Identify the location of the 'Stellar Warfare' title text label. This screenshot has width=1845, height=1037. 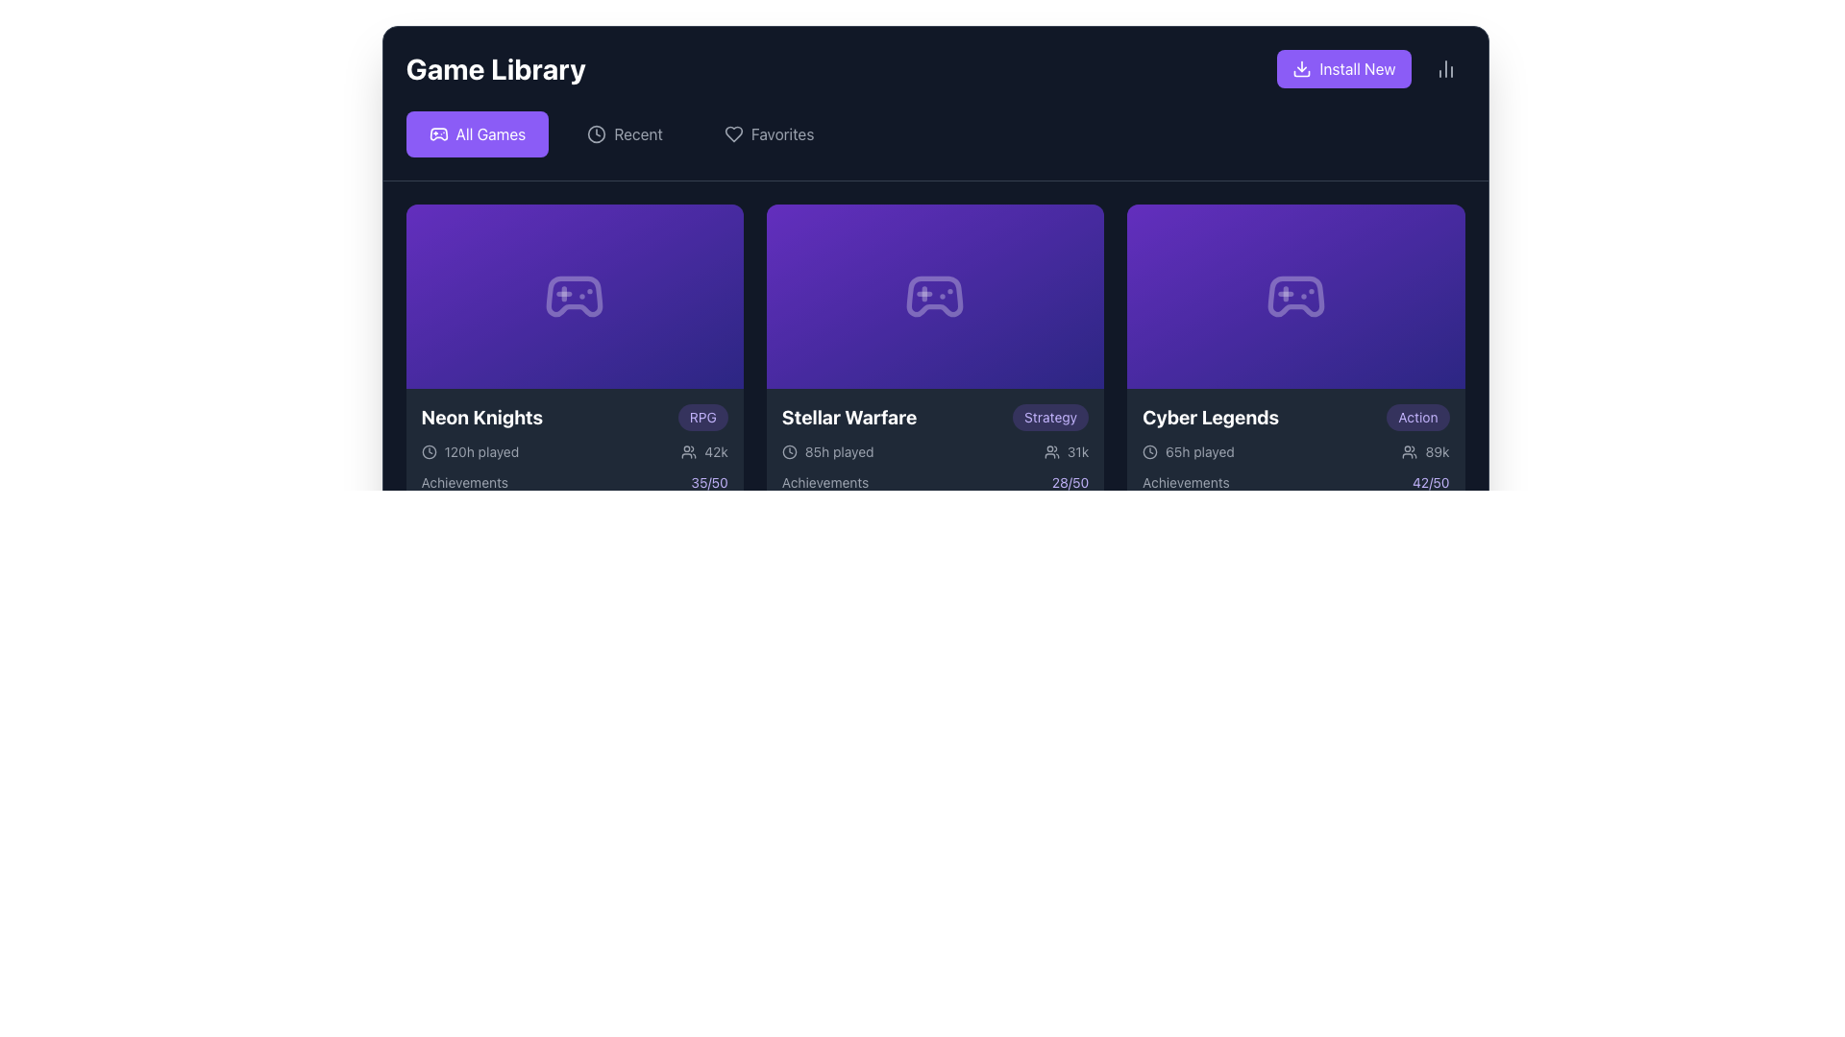
(848, 417).